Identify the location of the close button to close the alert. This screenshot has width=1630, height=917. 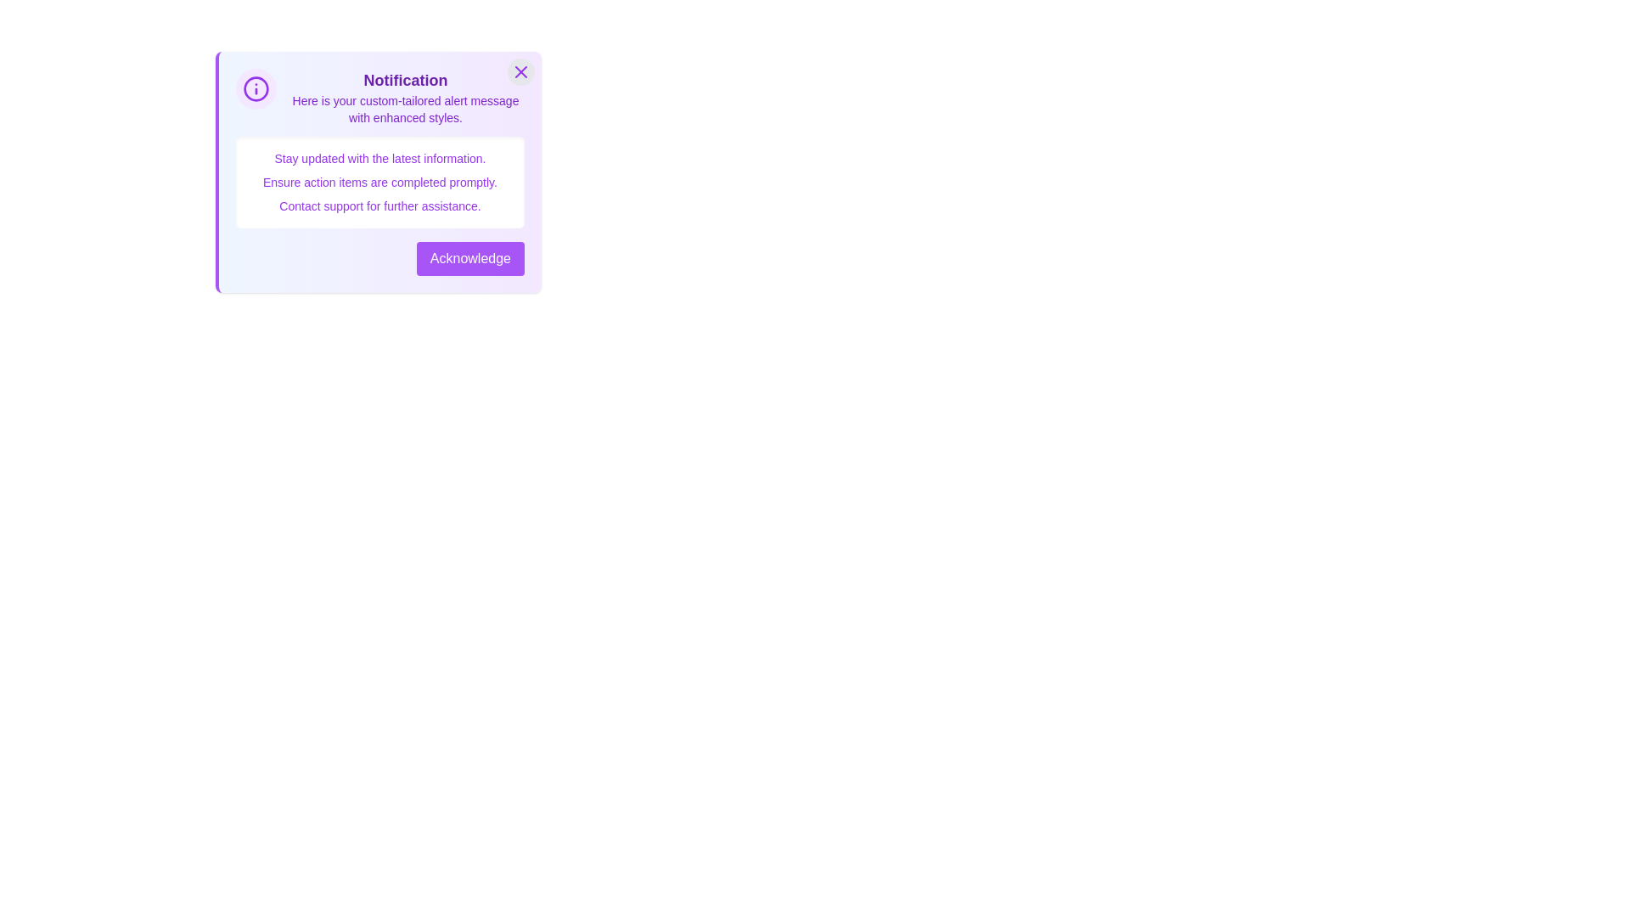
(520, 70).